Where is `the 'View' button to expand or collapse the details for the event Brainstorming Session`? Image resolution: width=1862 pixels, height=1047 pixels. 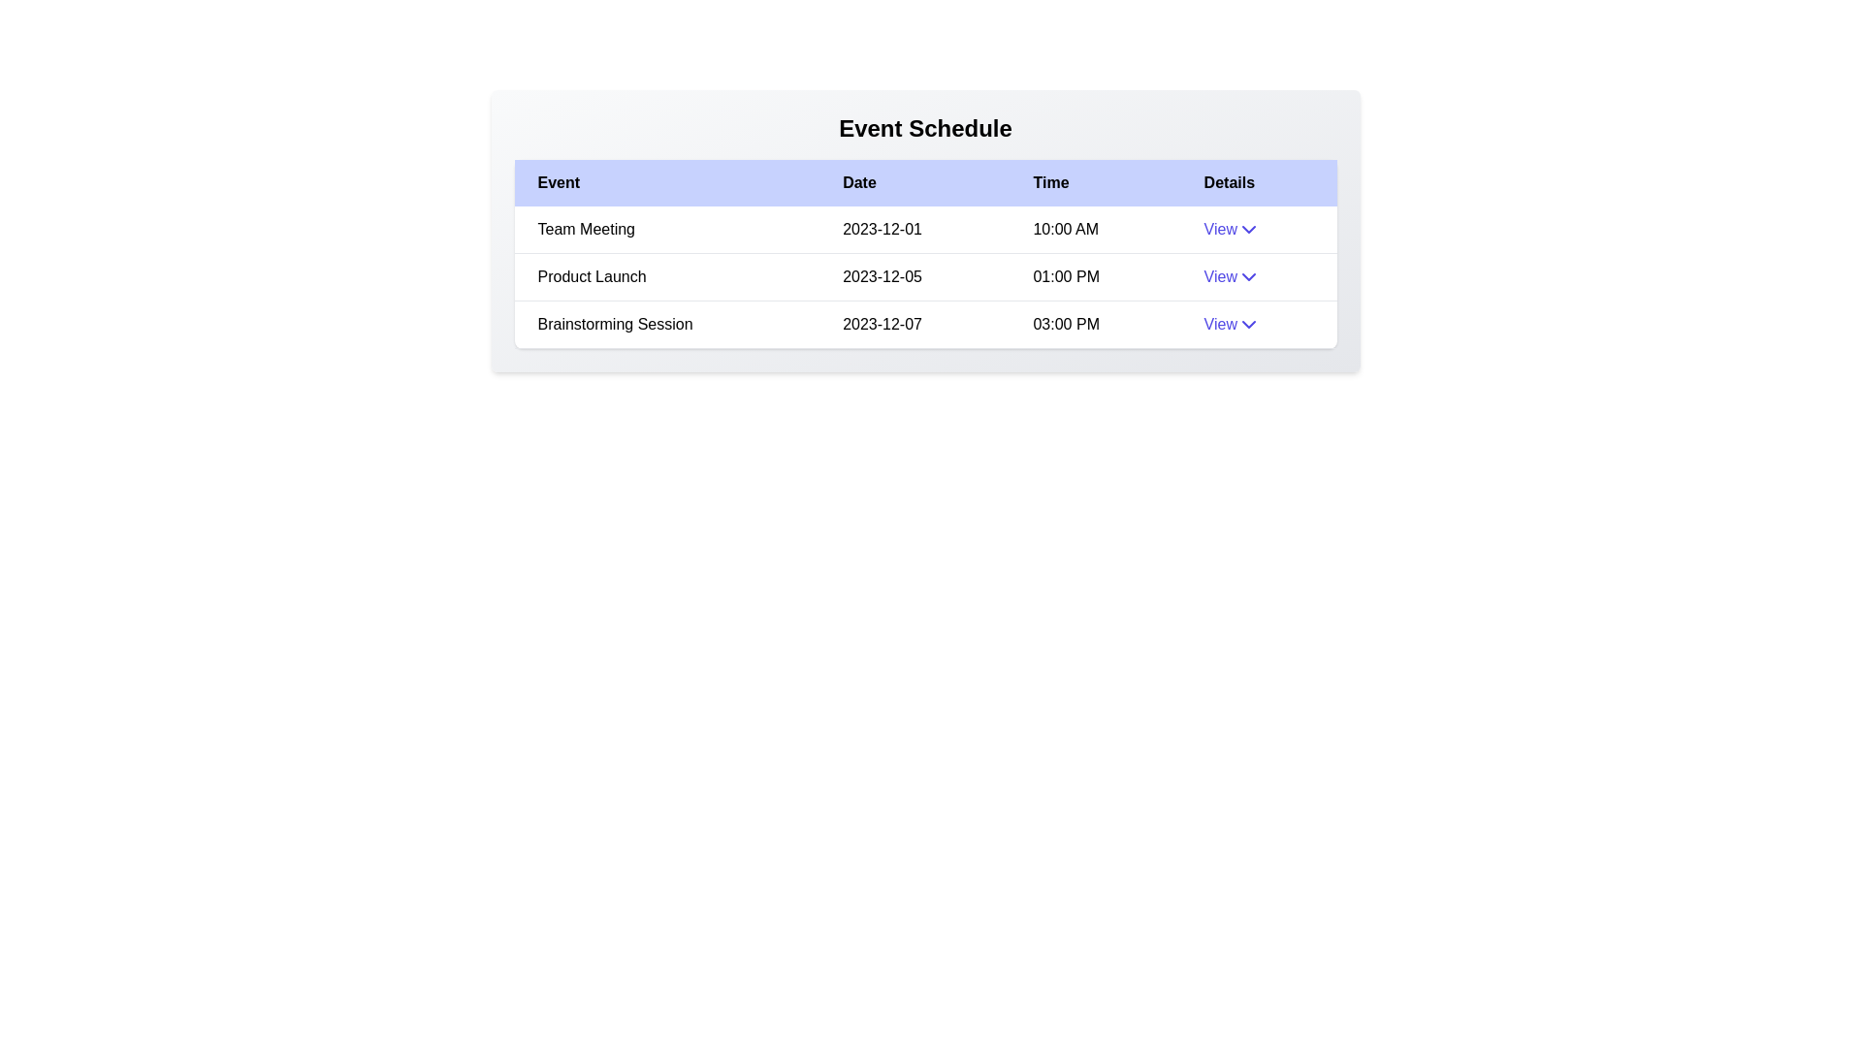
the 'View' button to expand or collapse the details for the event Brainstorming Session is located at coordinates (1231, 324).